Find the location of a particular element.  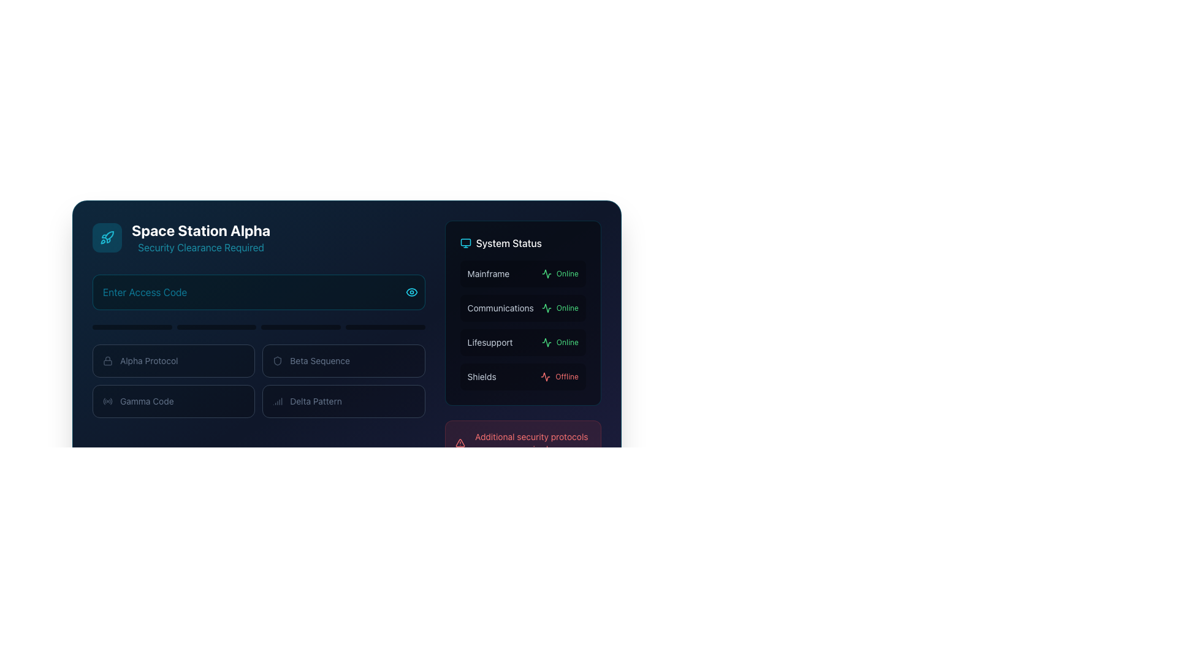

the centrally positioned progress bar, which is the third among four similar horizontal bars, featuring a dark background and rounded edges is located at coordinates (301, 326).